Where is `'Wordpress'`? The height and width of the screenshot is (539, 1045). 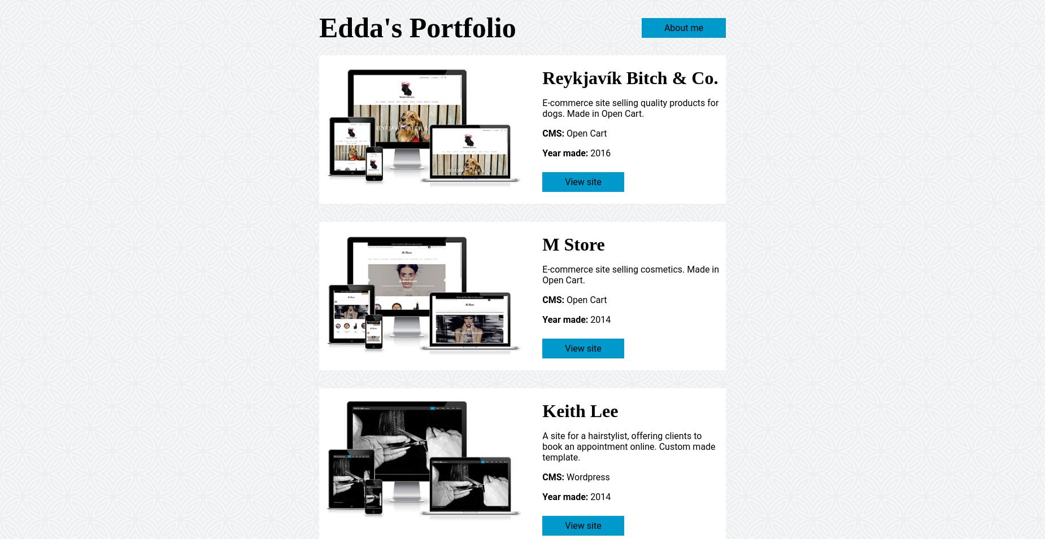
'Wordpress' is located at coordinates (586, 476).